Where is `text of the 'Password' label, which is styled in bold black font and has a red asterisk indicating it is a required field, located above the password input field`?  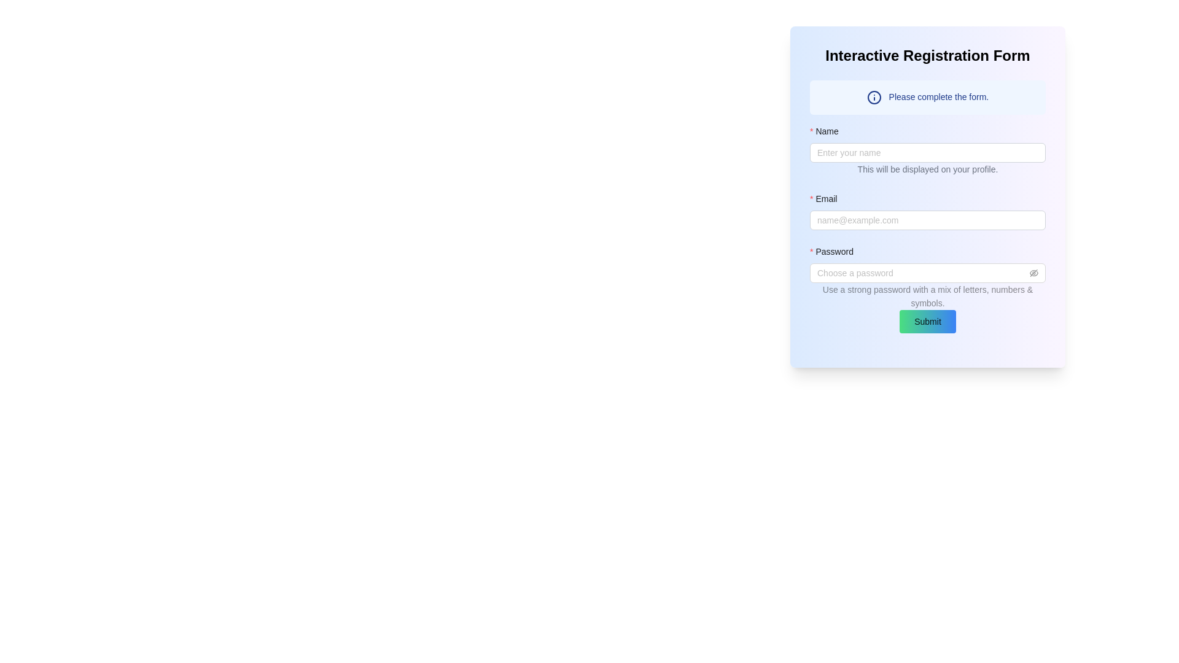
text of the 'Password' label, which is styled in bold black font and has a red asterisk indicating it is a required field, located above the password input field is located at coordinates (928, 253).